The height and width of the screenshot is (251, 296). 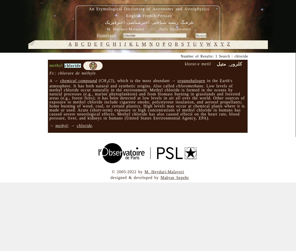 I want to click on 'P', so click(x=162, y=44).